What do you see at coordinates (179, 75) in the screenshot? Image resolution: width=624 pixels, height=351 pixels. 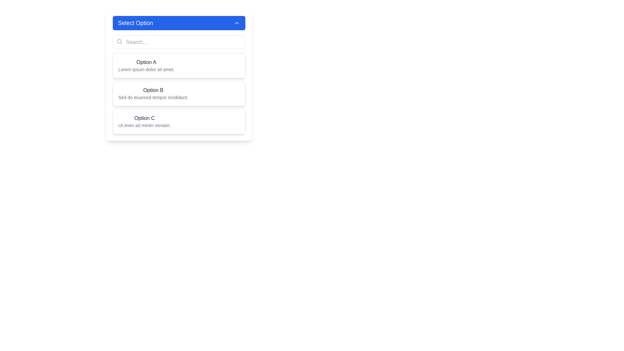 I see `the first selectable option in the list, which consists of a bold title and a short description, positioned below the search bar` at bounding box center [179, 75].